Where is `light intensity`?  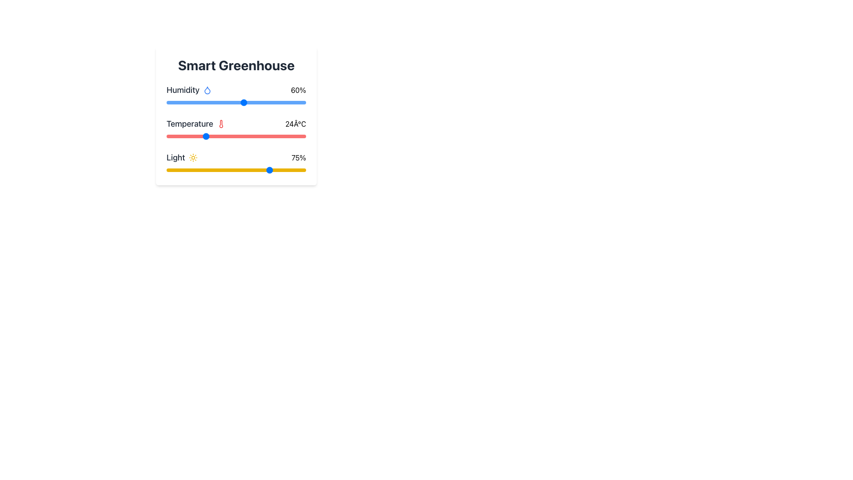
light intensity is located at coordinates (285, 170).